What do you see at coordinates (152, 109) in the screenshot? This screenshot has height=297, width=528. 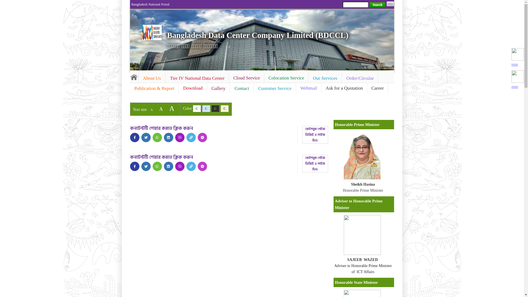 I see `'A'` at bounding box center [152, 109].